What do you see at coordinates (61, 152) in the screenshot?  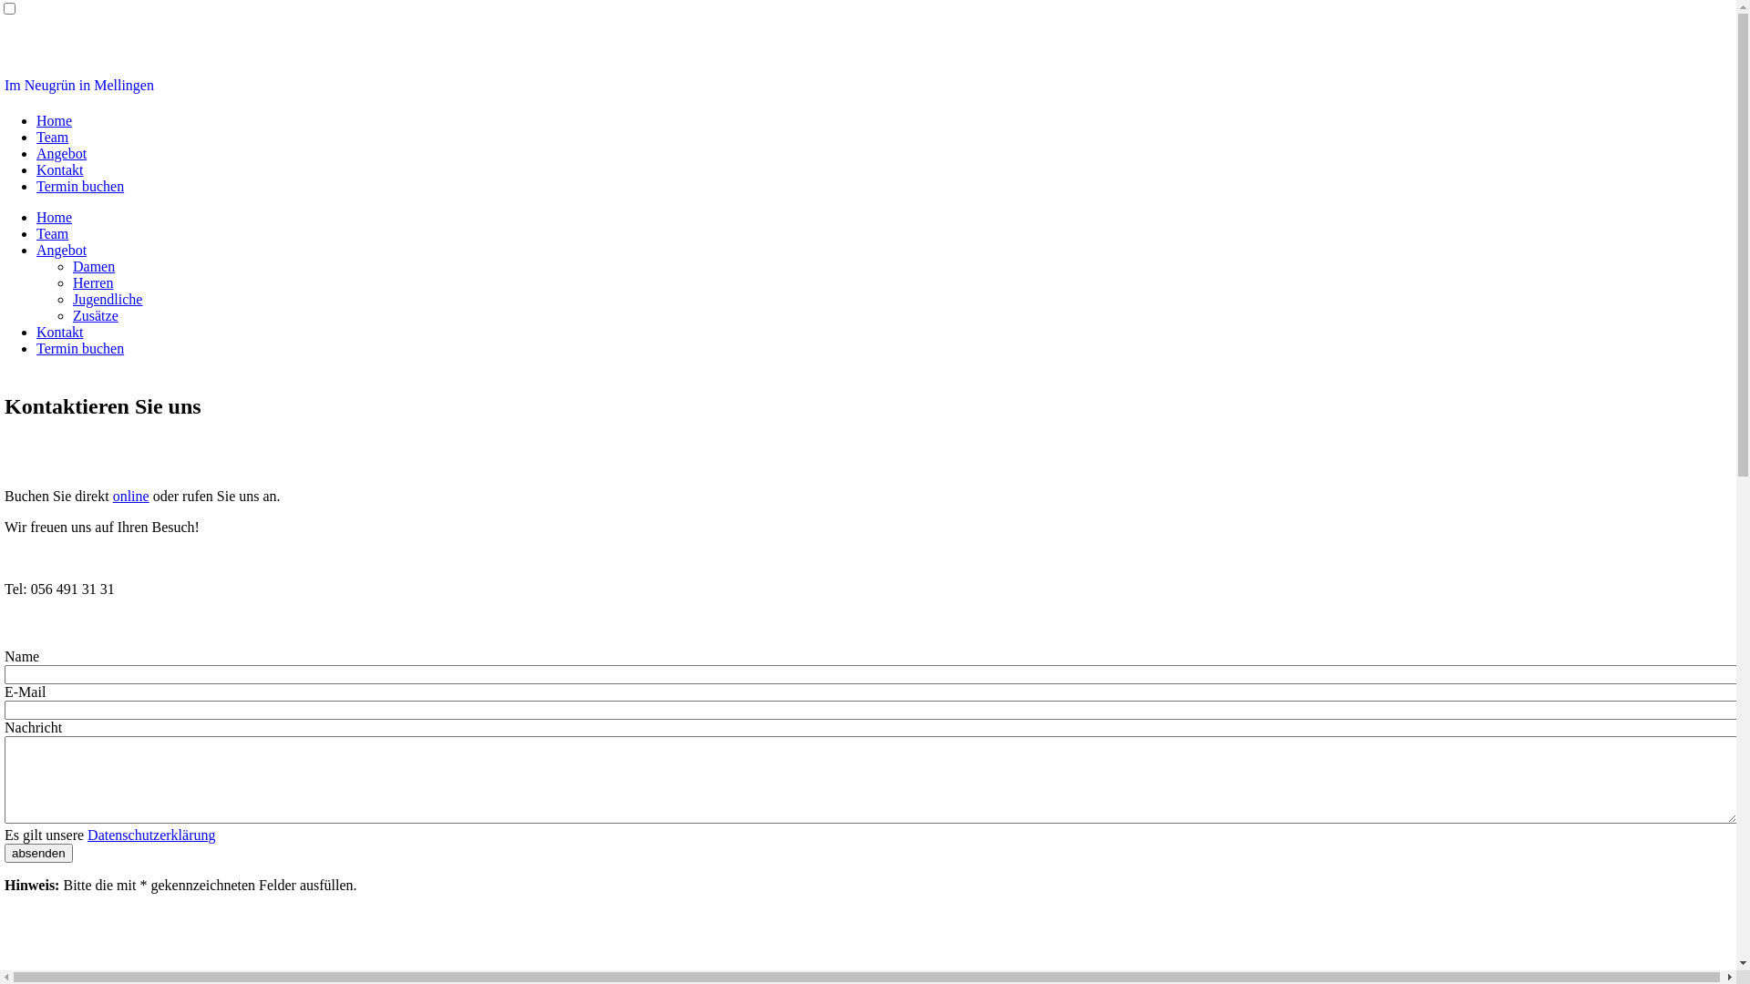 I see `'Angebot'` at bounding box center [61, 152].